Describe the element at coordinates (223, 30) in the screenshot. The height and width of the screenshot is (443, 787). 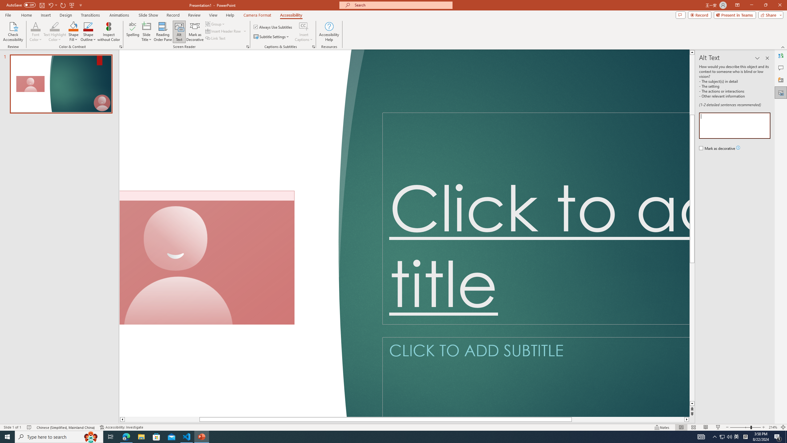
I see `'Insert Header Row'` at that location.